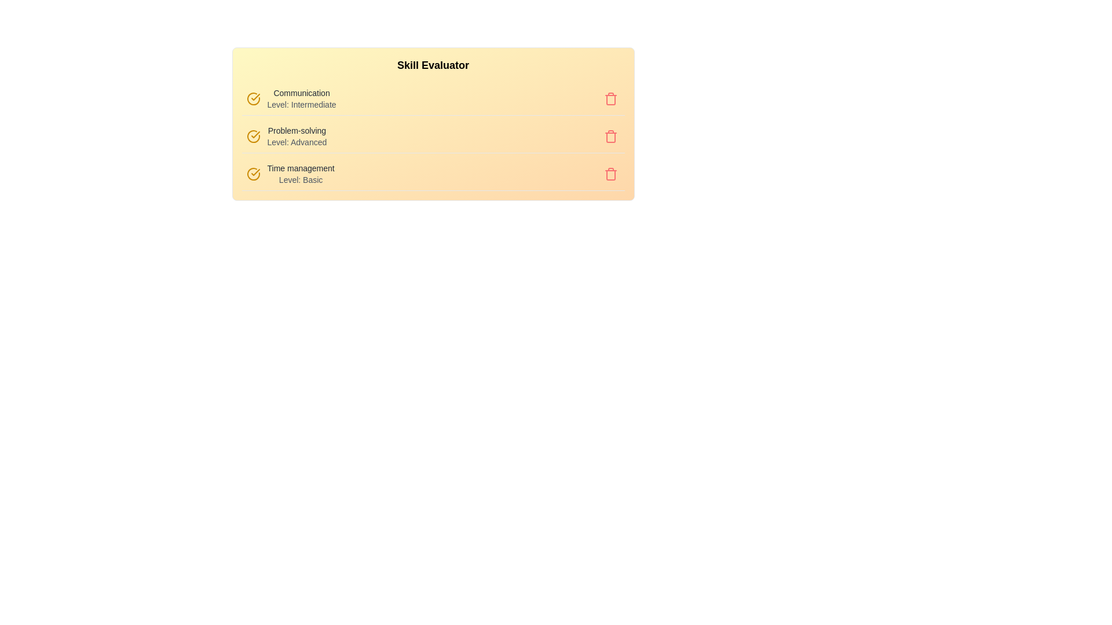  Describe the element at coordinates (433, 174) in the screenshot. I see `the skill item corresponding to Time management to open its context menu` at that location.